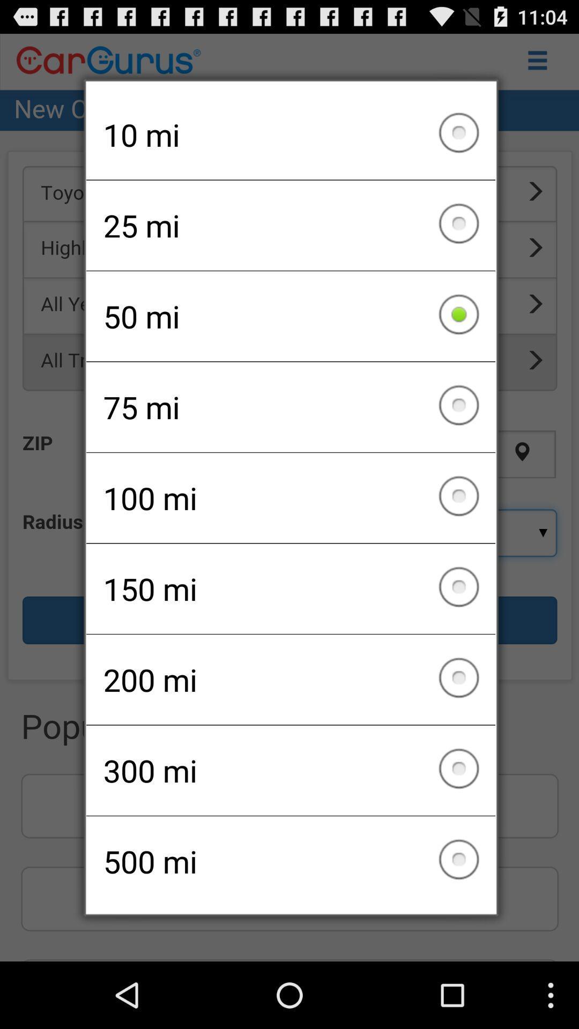 This screenshot has height=1029, width=579. Describe the element at coordinates (291, 497) in the screenshot. I see `the item above the 150 mi checkbox` at that location.